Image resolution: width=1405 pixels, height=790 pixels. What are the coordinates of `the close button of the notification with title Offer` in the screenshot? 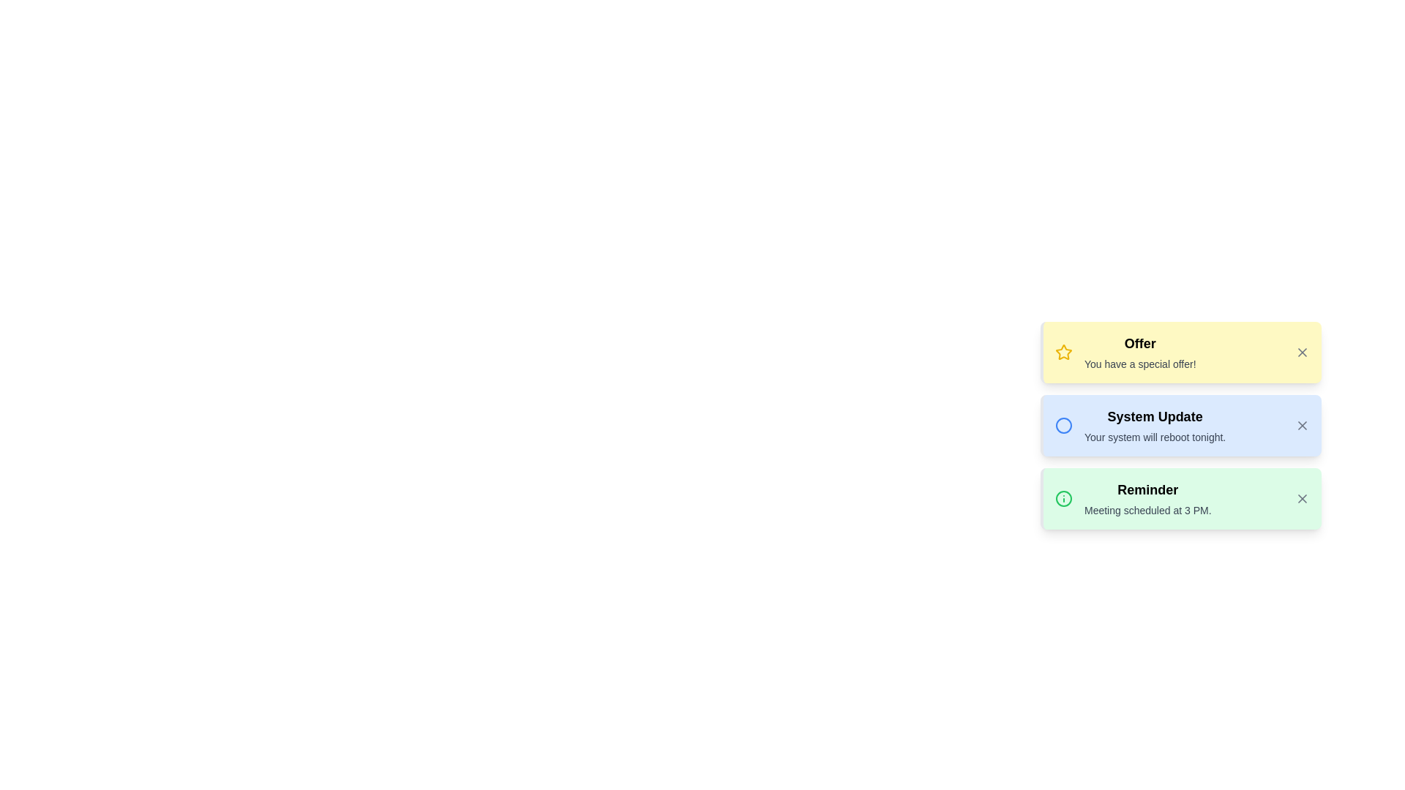 It's located at (1303, 353).